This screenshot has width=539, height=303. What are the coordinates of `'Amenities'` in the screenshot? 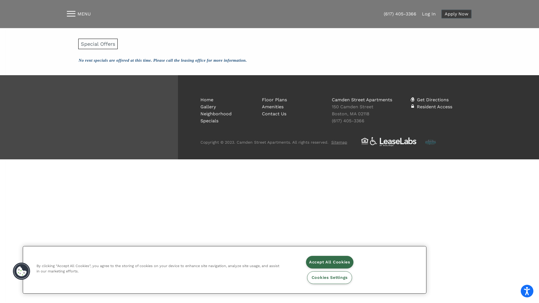 It's located at (273, 107).